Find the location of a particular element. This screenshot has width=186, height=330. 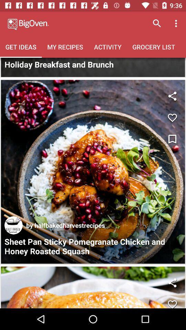

press to bookmark is located at coordinates (172, 139).